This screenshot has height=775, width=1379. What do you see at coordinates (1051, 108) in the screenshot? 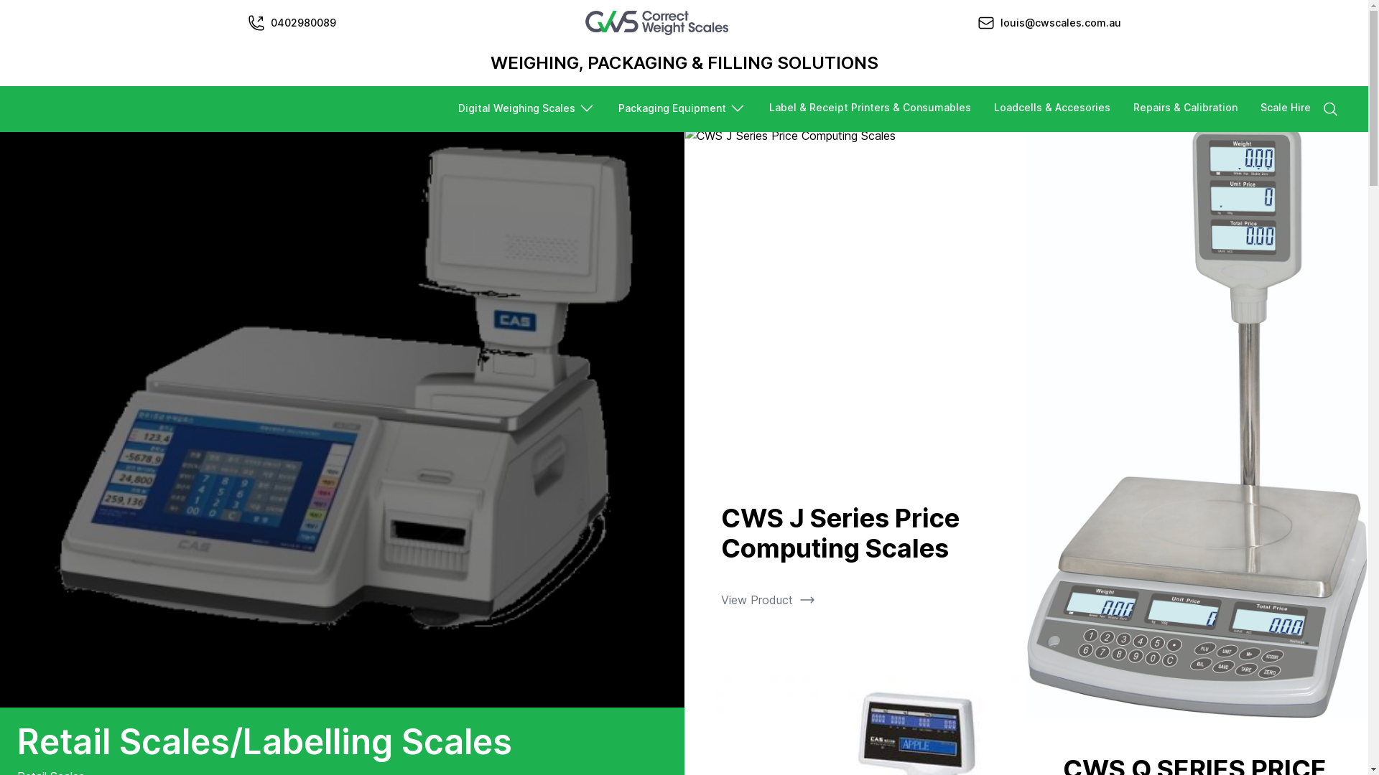
I see `'Loadcells & Accesories'` at bounding box center [1051, 108].